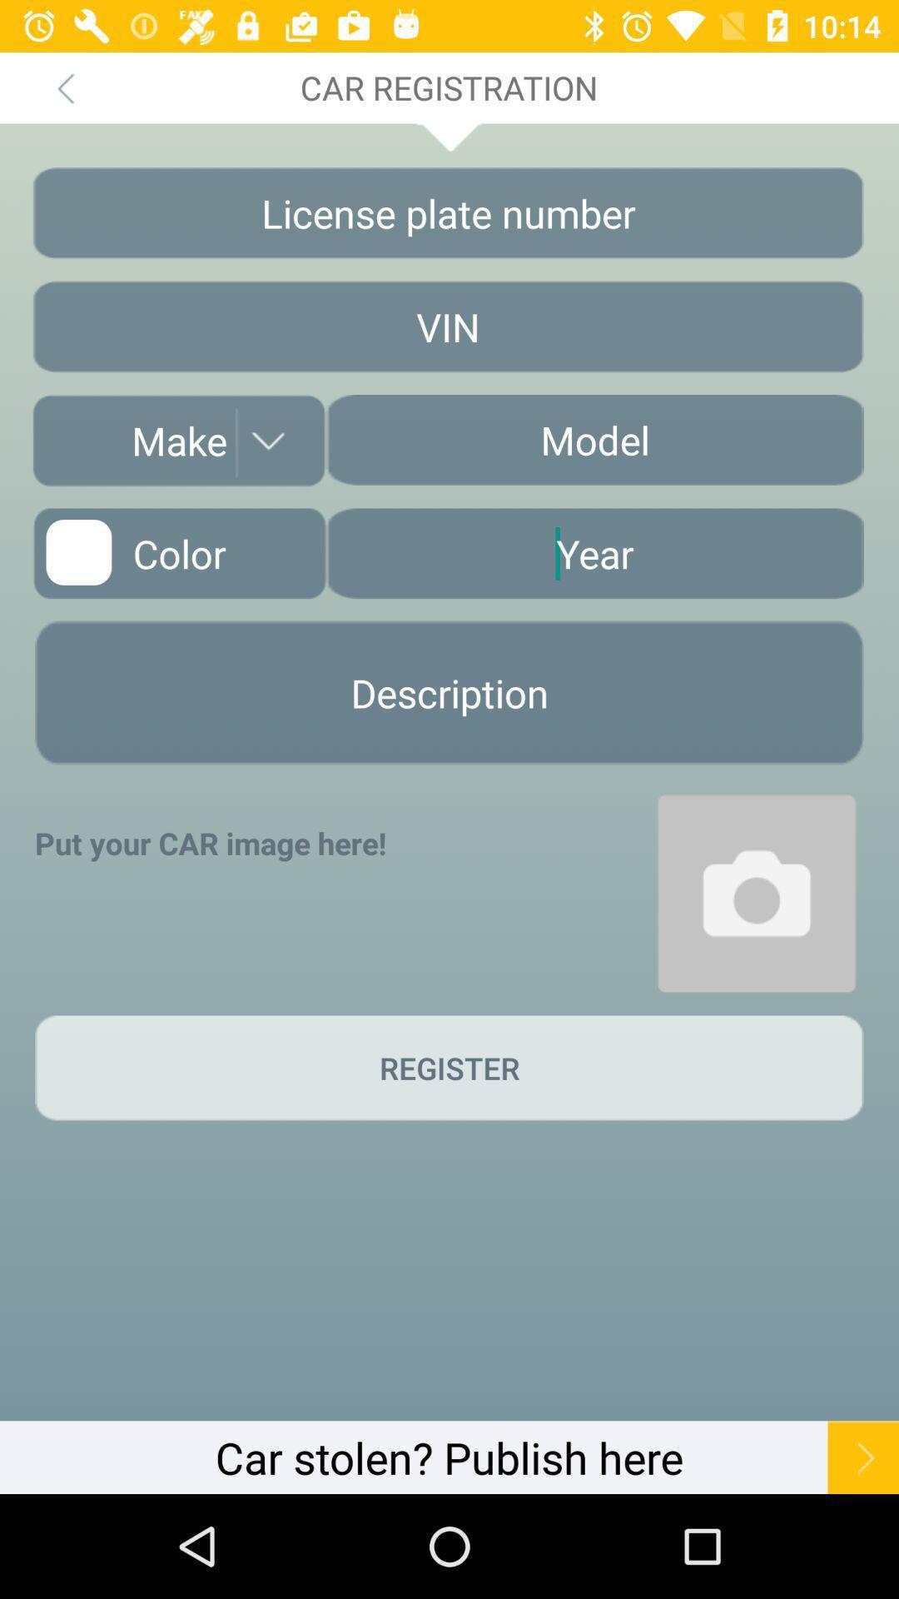 This screenshot has width=899, height=1599. Describe the element at coordinates (594, 553) in the screenshot. I see `the year` at that location.